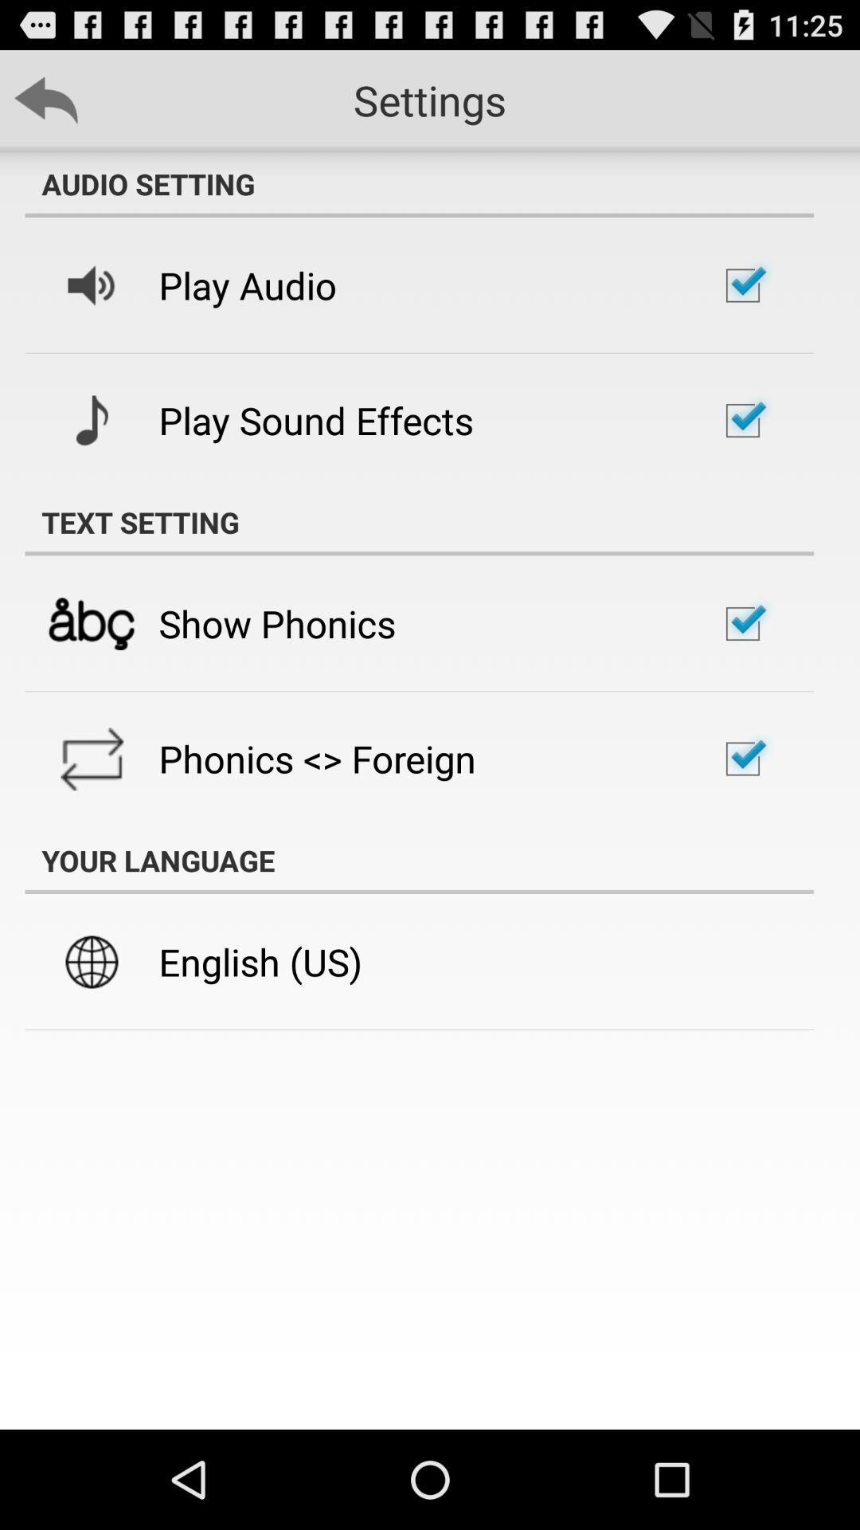 The width and height of the screenshot is (860, 1530). I want to click on the phonics <> foreign item, so click(317, 758).